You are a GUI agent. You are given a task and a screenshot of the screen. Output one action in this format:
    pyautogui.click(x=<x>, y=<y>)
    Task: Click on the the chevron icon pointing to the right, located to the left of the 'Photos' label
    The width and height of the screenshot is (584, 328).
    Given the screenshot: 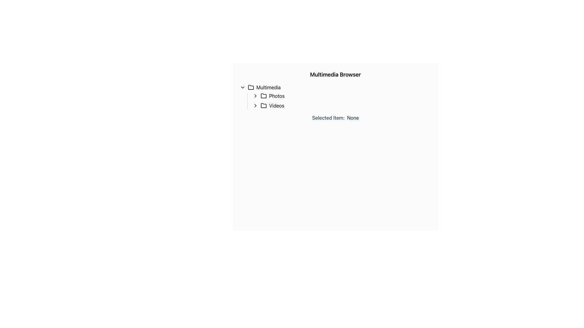 What is the action you would take?
    pyautogui.click(x=255, y=96)
    